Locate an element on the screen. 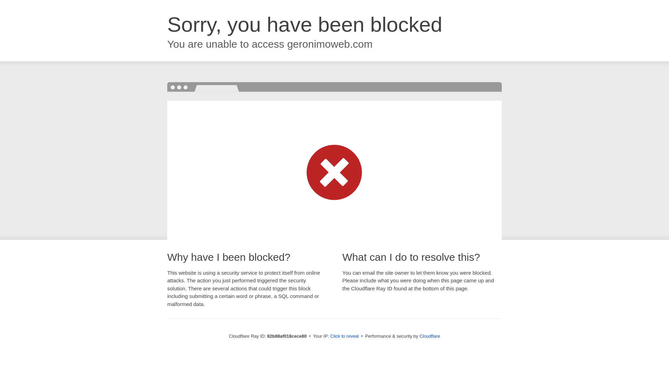 This screenshot has width=669, height=376. 'Click to reveal' is located at coordinates (344, 336).